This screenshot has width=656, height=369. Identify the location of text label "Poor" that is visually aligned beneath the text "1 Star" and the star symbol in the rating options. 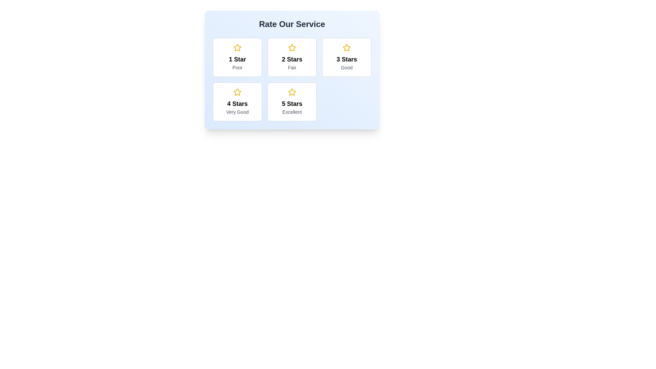
(237, 67).